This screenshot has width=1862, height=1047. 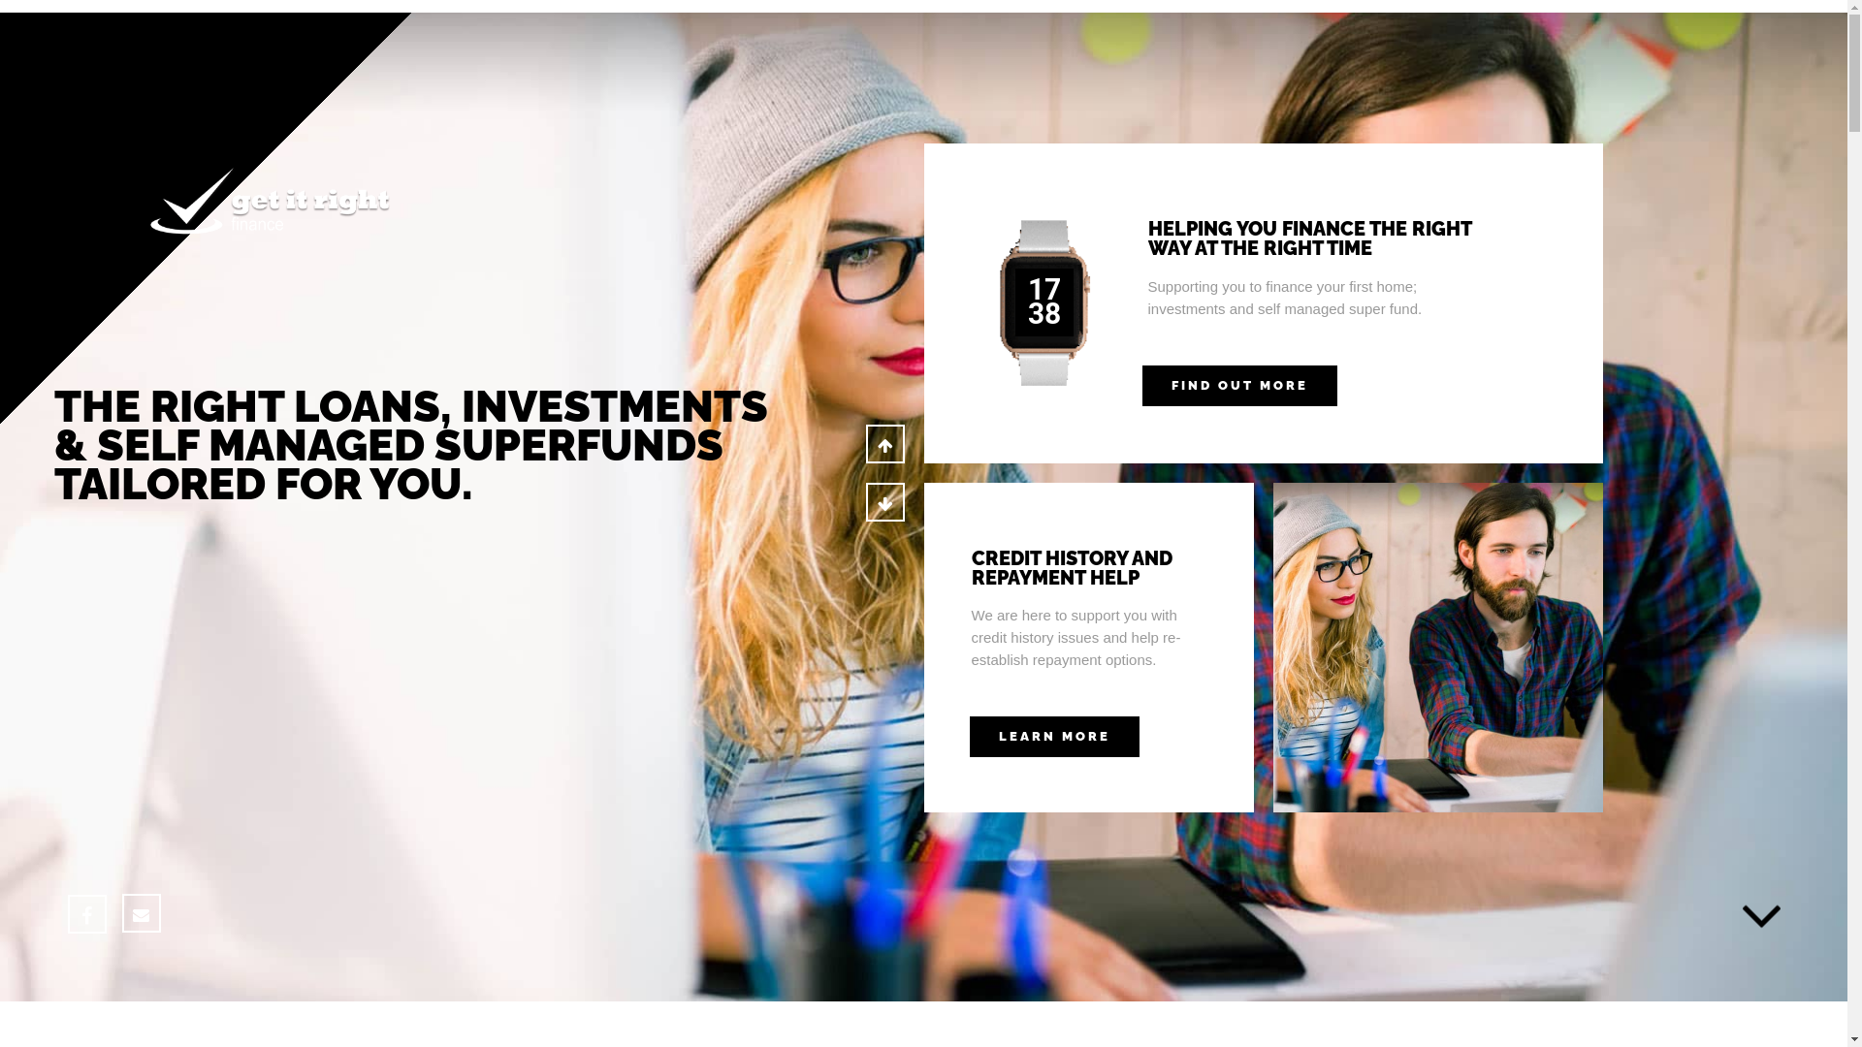 What do you see at coordinates (1141, 385) in the screenshot?
I see `'FIND OUT MORE'` at bounding box center [1141, 385].